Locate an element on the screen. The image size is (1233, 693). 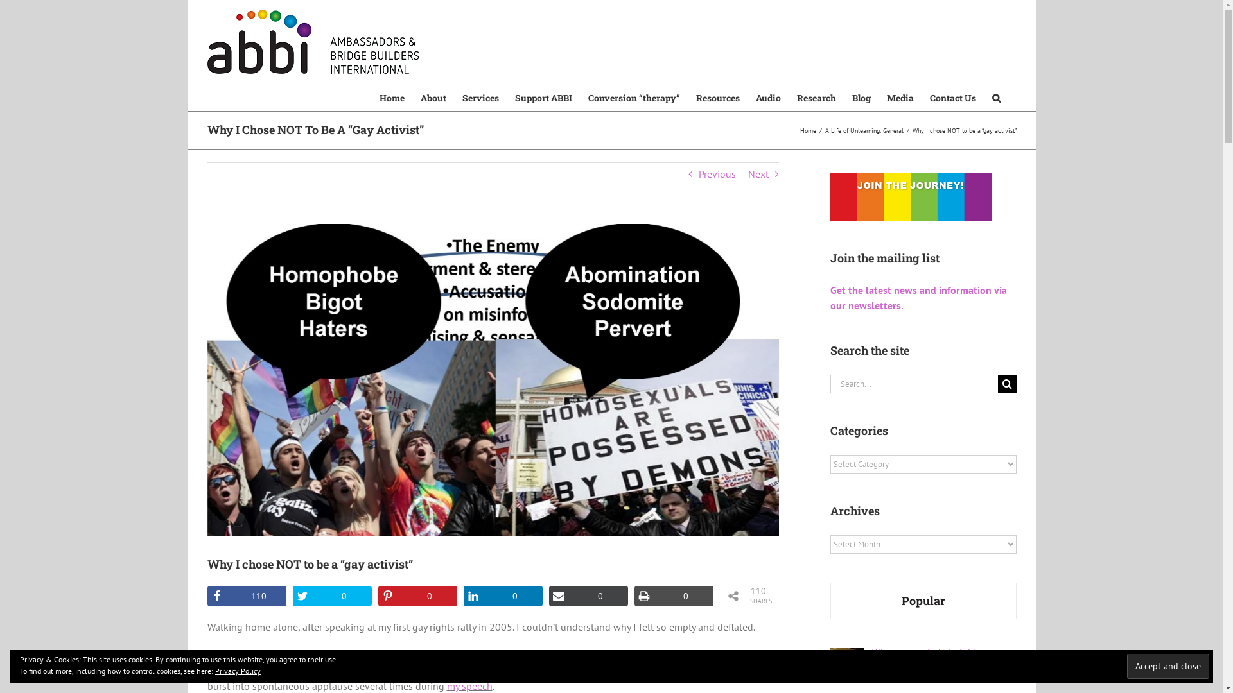
'Accept and close' is located at coordinates (1168, 665).